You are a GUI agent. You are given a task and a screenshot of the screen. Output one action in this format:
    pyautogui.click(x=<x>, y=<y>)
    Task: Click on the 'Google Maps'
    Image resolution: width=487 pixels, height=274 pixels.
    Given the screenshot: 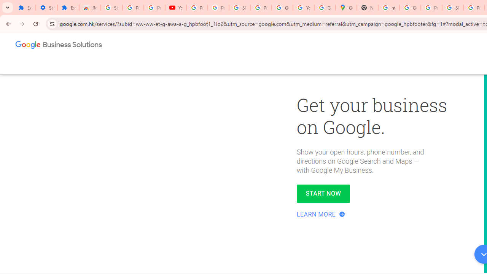 What is the action you would take?
    pyautogui.click(x=346, y=8)
    